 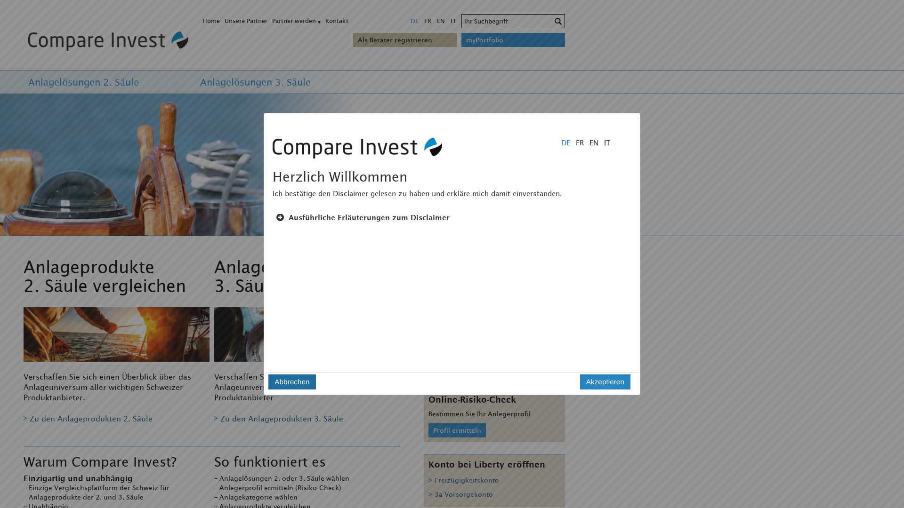 I want to click on 'IT', so click(x=453, y=21).